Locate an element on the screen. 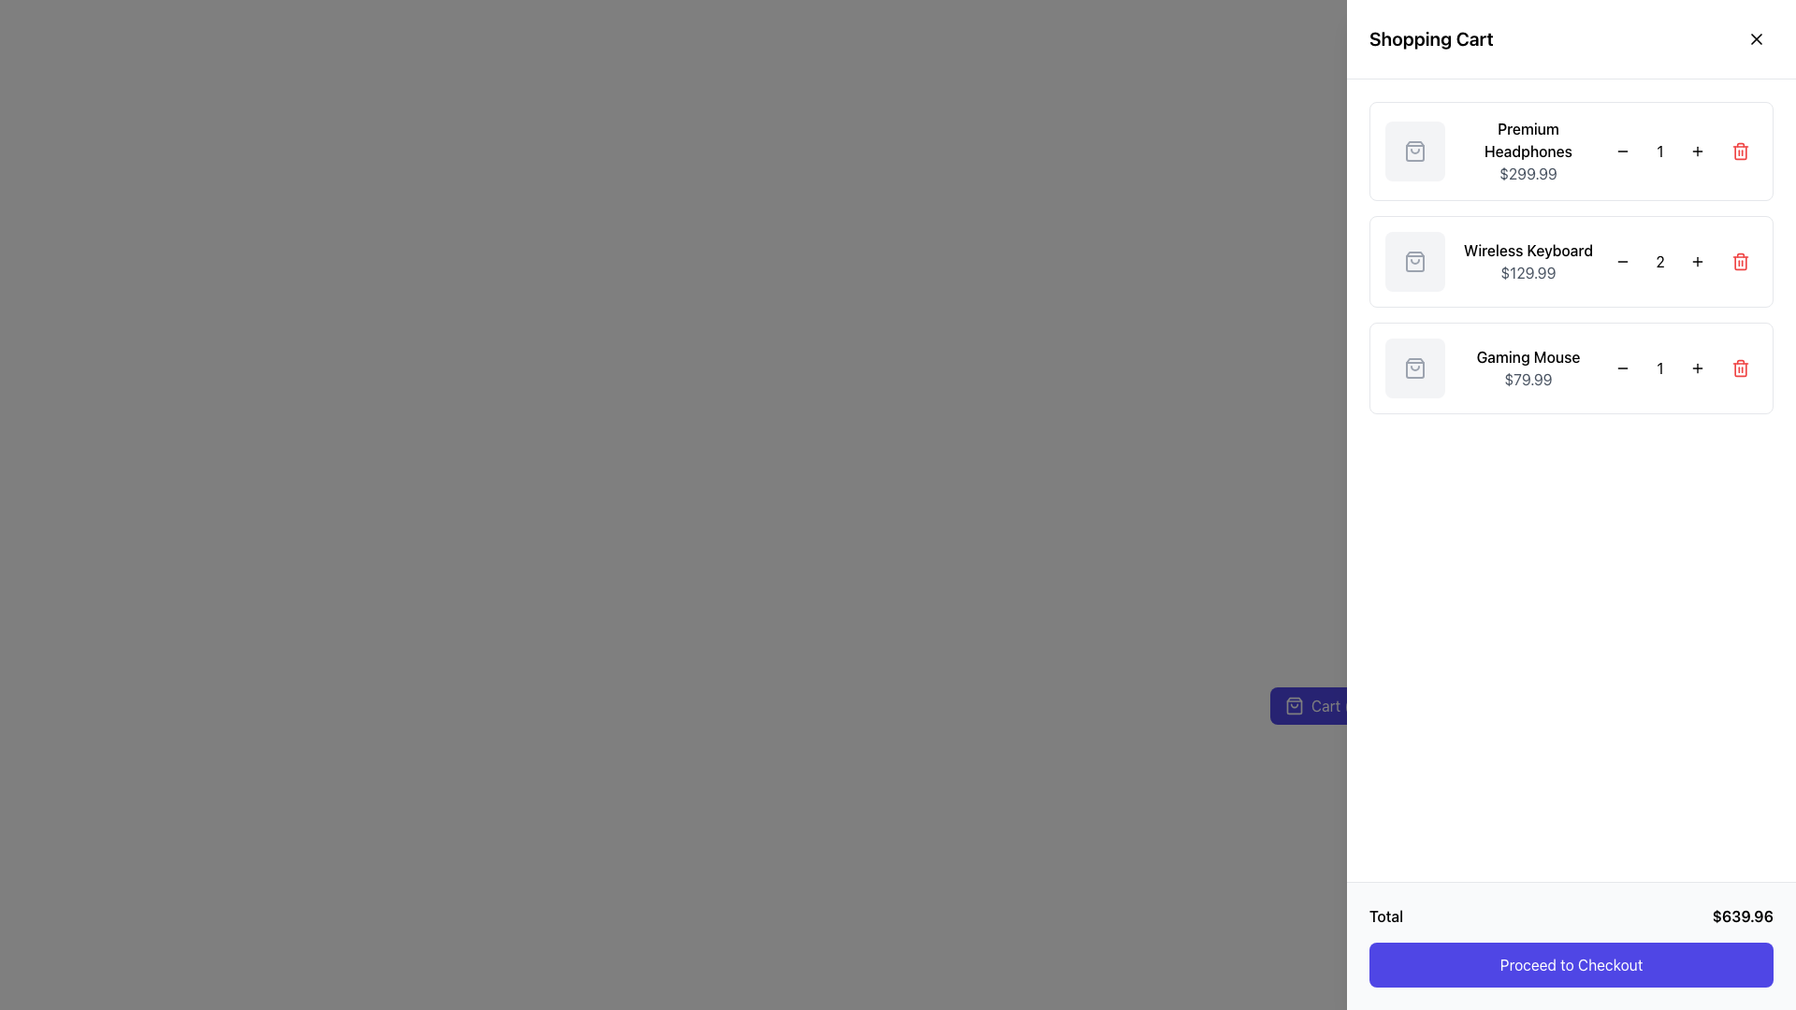 This screenshot has width=1796, height=1010. product details displayed in the text block, which includes the product name 'Premium Headphones' and the price '$299.99' is located at coordinates (1528, 151).